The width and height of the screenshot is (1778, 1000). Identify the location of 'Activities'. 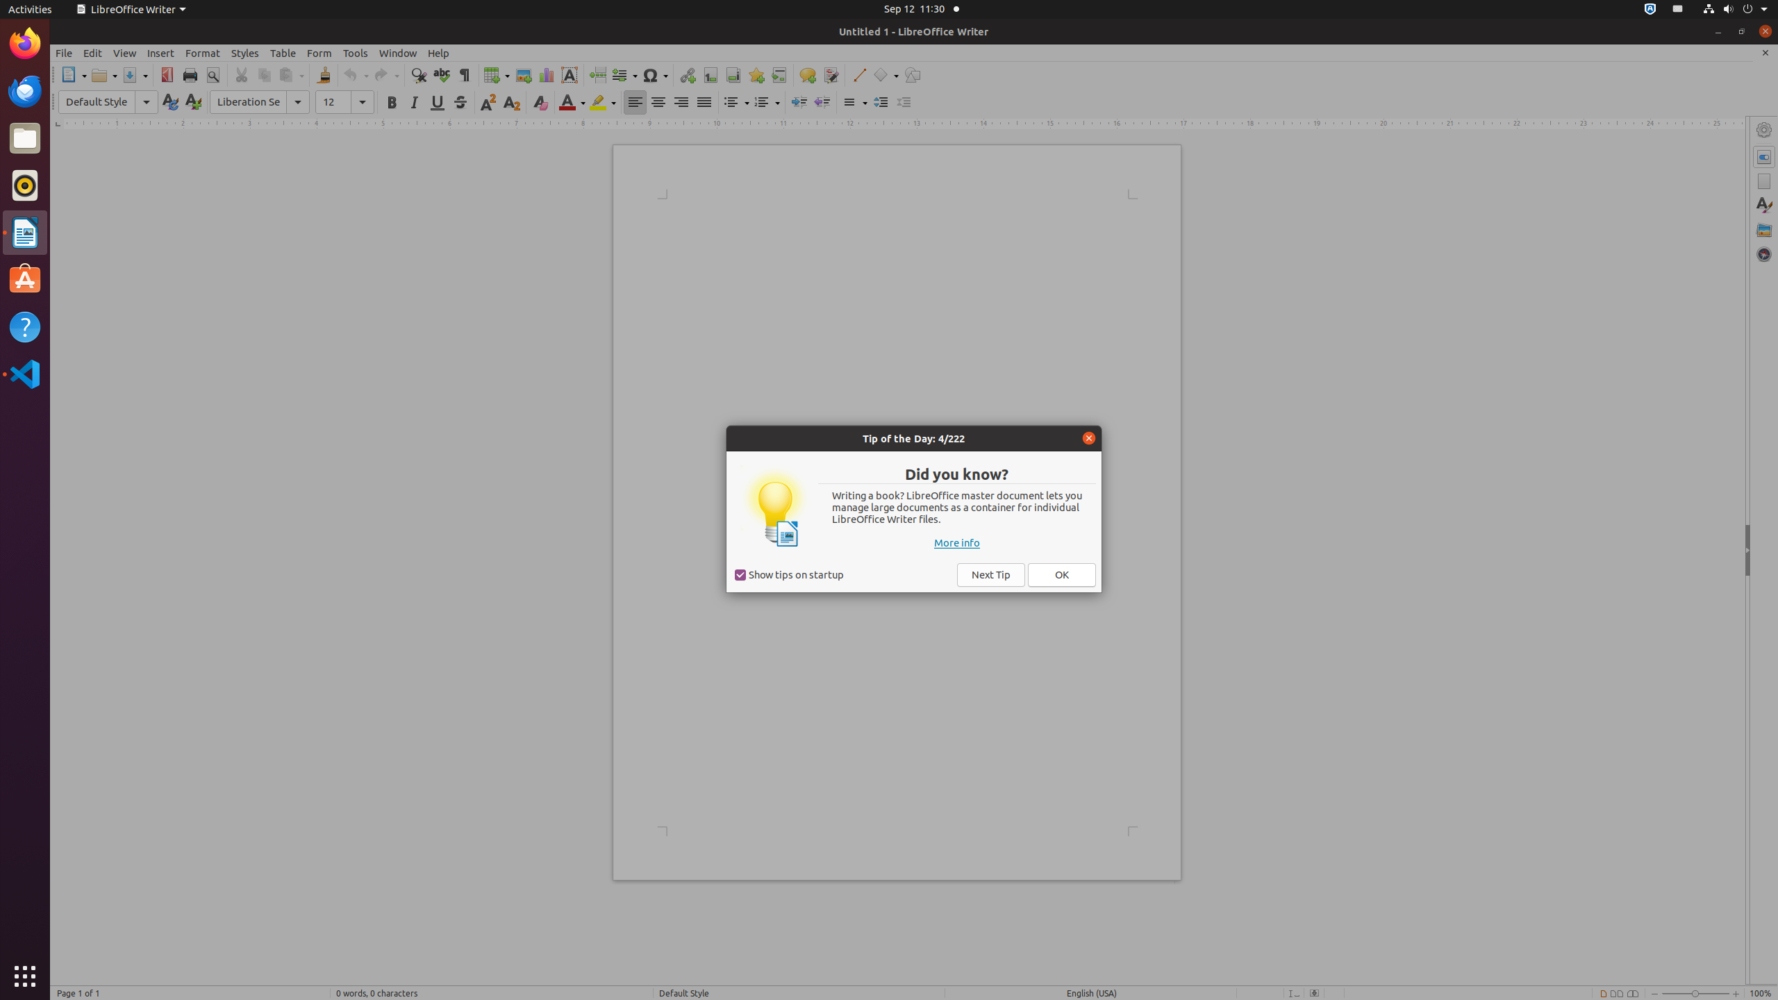
(29, 8).